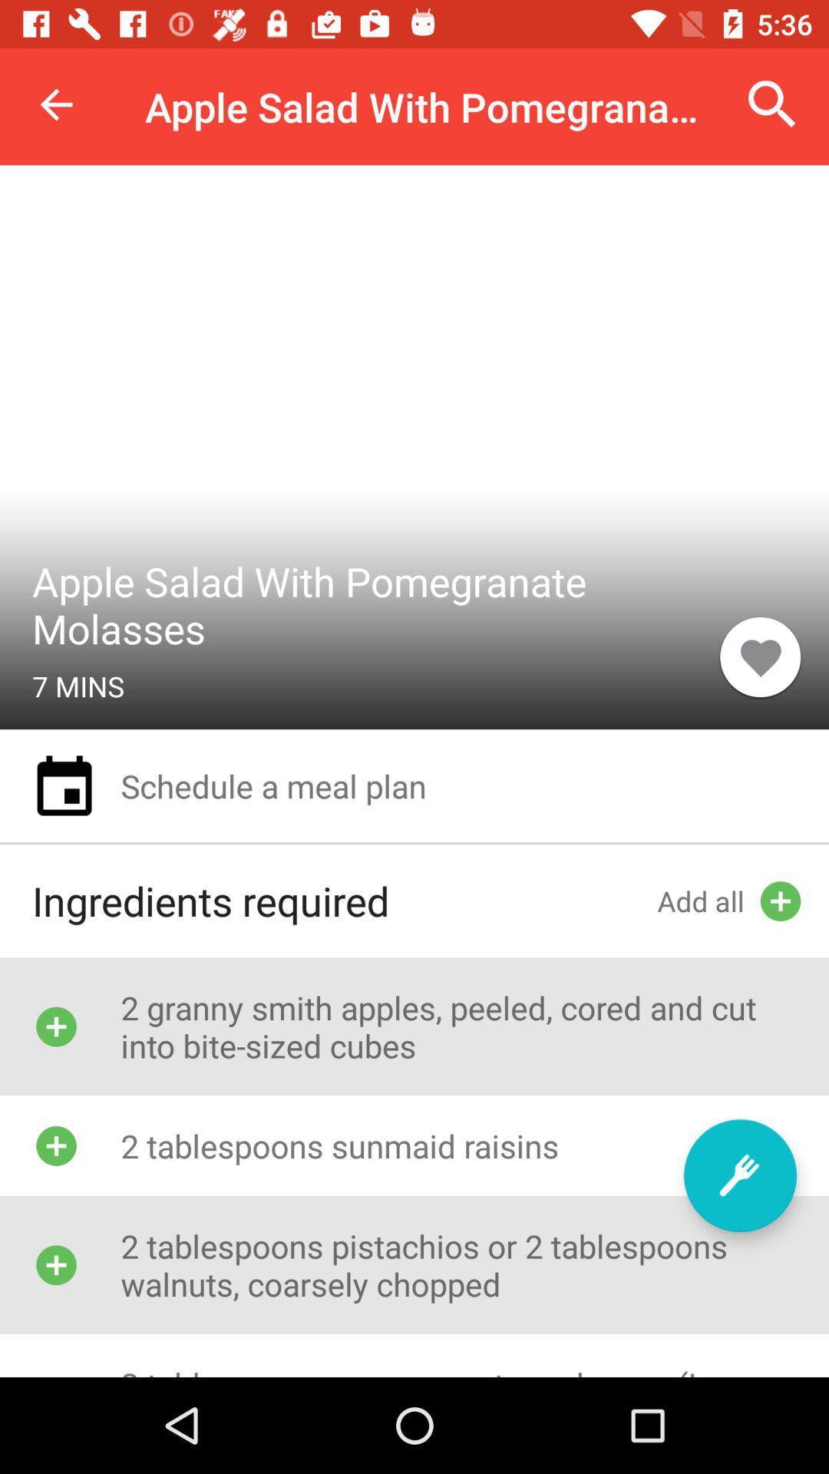 This screenshot has height=1474, width=829. What do you see at coordinates (739, 1175) in the screenshot?
I see `item at the bottom right corner` at bounding box center [739, 1175].